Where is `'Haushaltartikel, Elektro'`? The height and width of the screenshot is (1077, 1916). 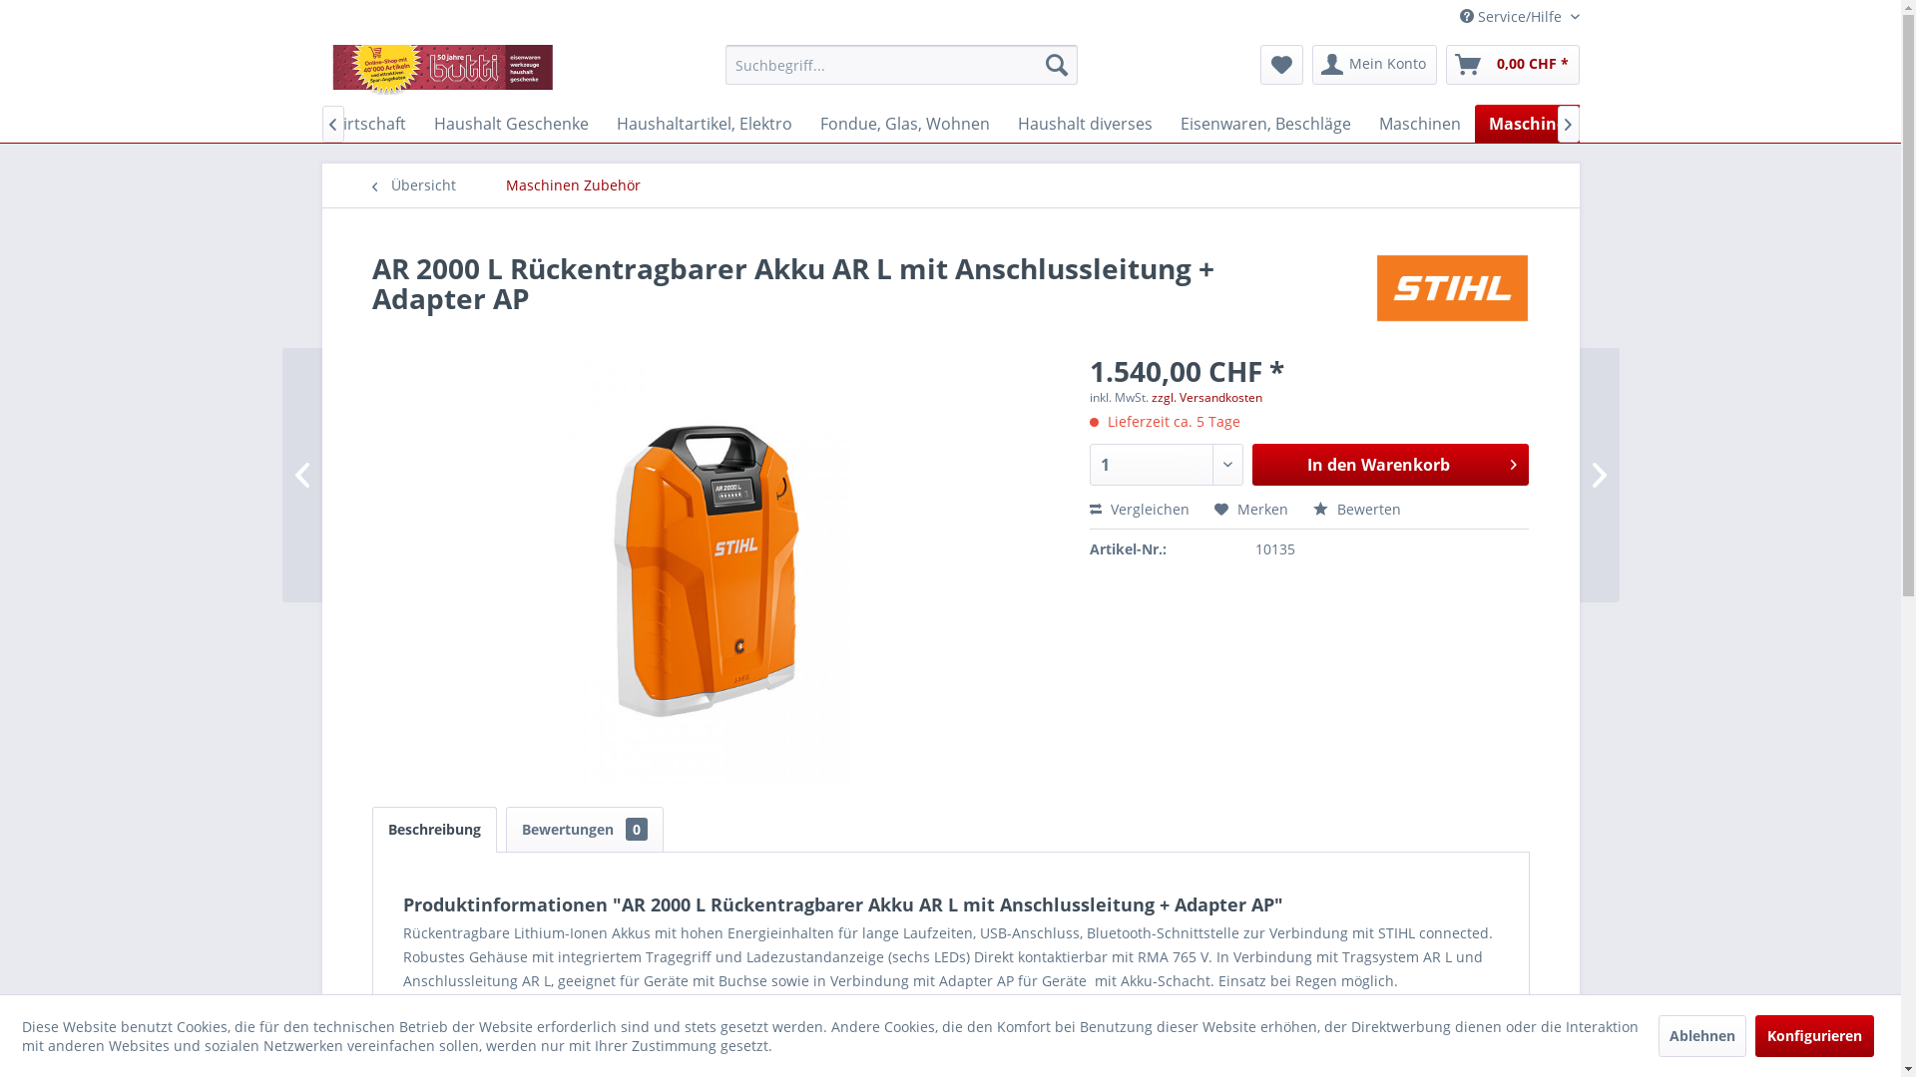 'Haushaltartikel, Elektro' is located at coordinates (704, 123).